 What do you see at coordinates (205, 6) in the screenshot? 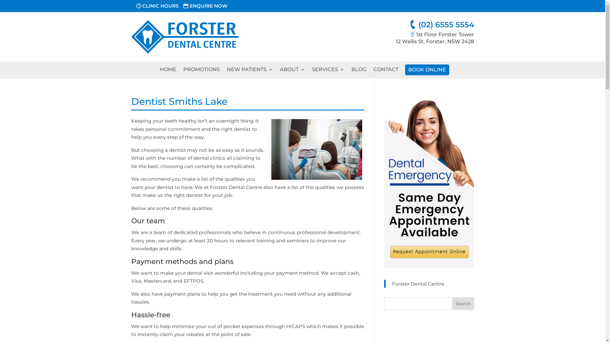
I see `'ENQUIRE NOW'` at bounding box center [205, 6].